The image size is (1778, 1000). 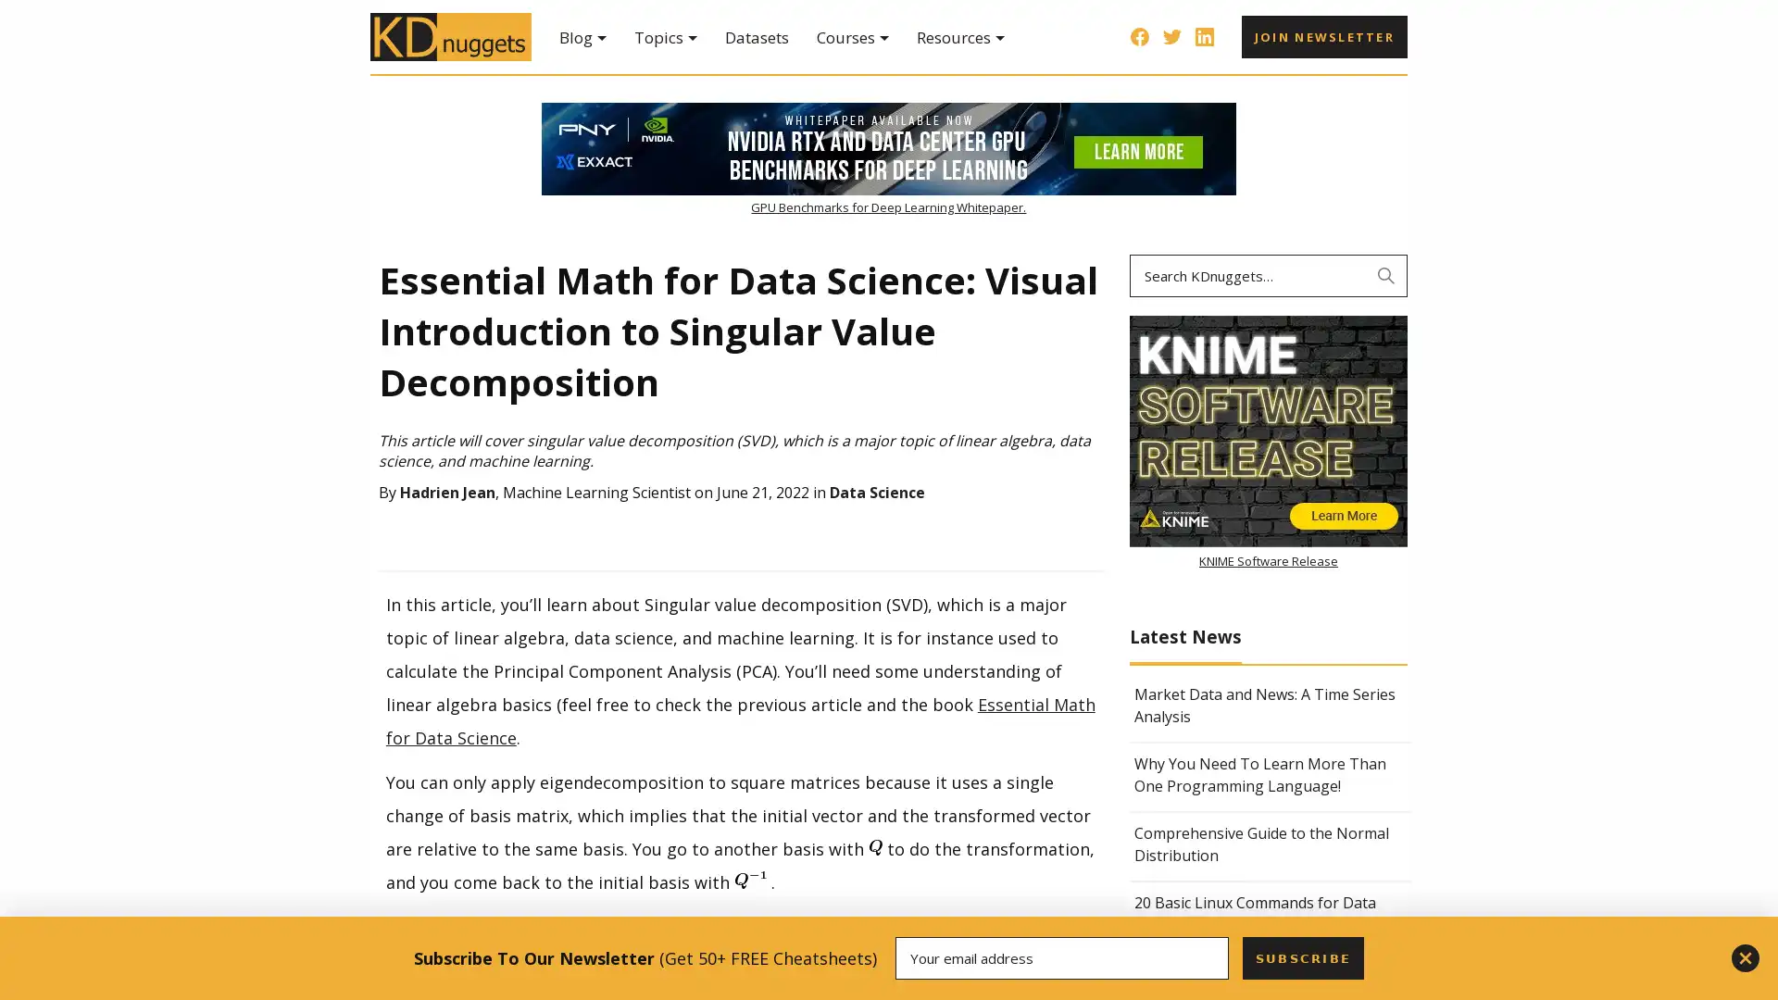 I want to click on Search, so click(x=1386, y=275).